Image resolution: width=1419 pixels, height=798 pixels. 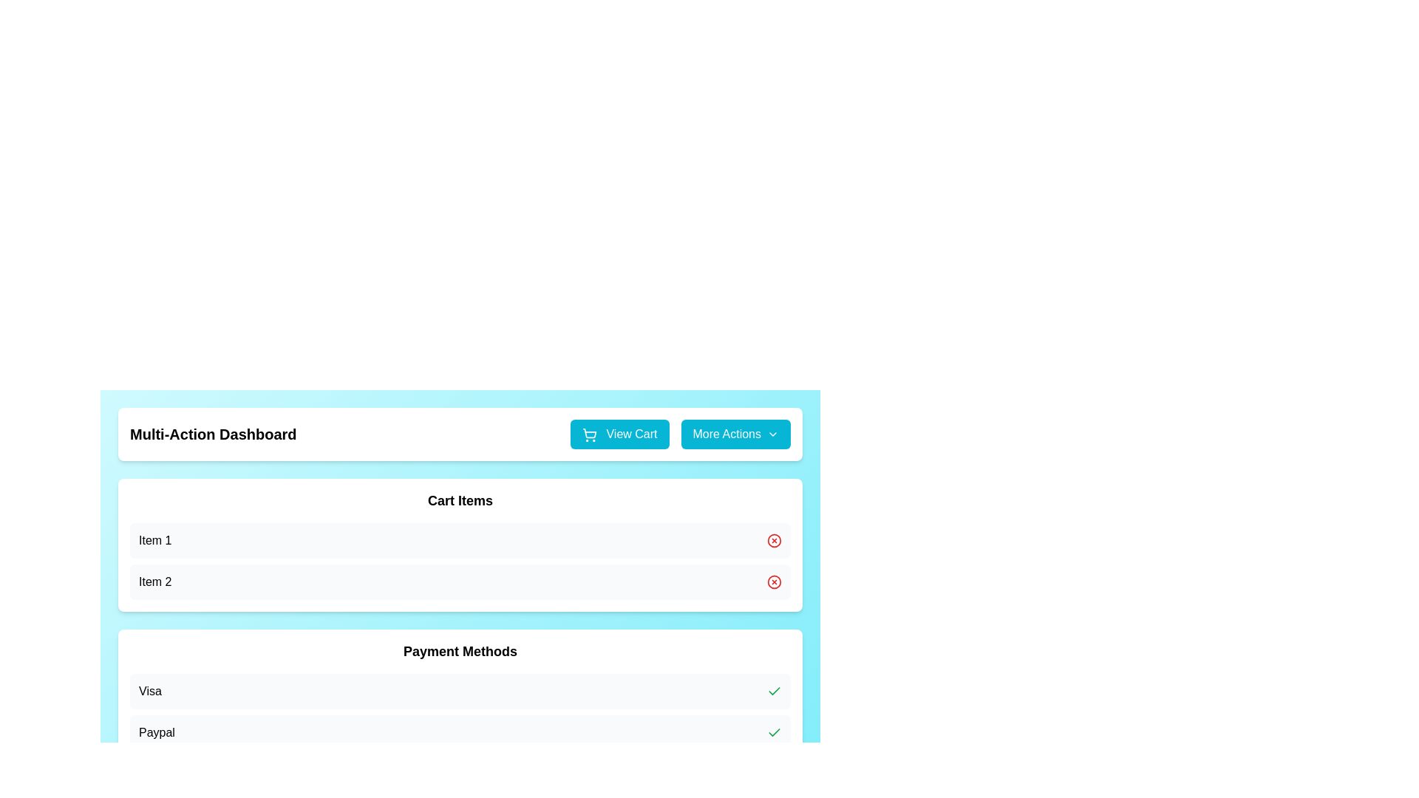 I want to click on the circular red outlined button with a red 'X' icon in the second row of the Cart Items section, so click(x=773, y=541).